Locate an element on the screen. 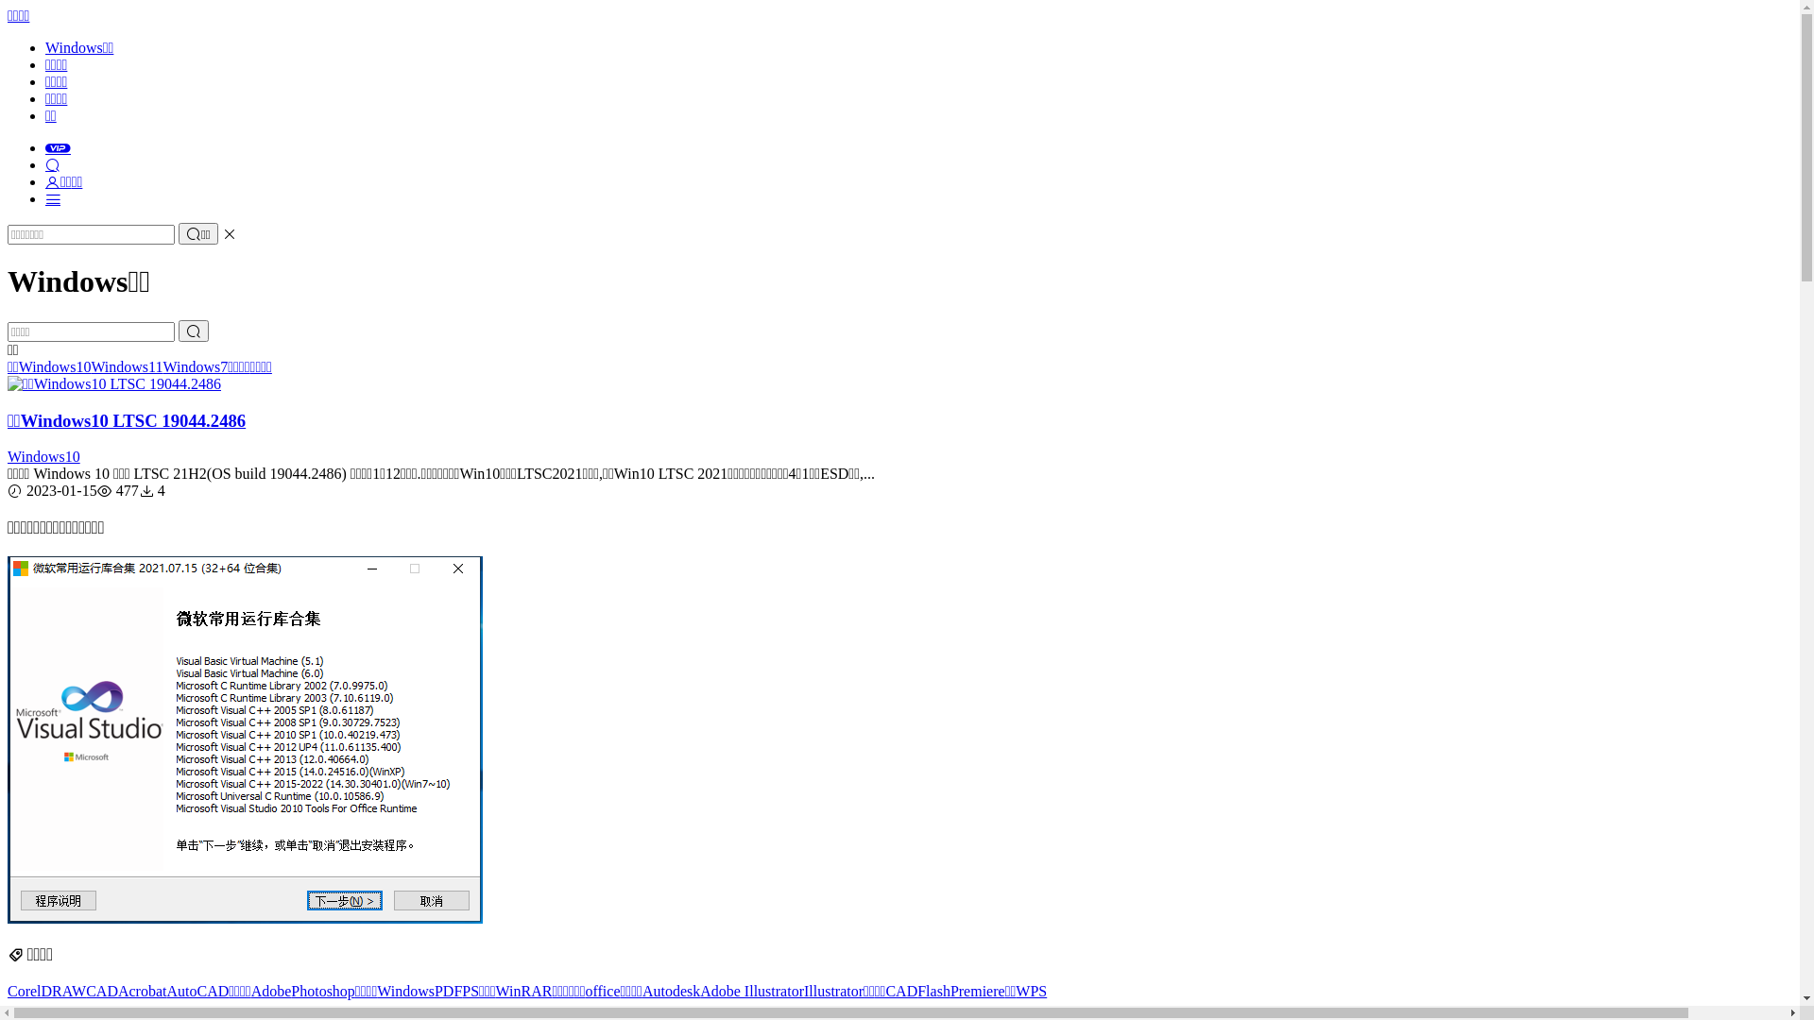 The image size is (1814, 1020). 'PS' is located at coordinates (471, 990).